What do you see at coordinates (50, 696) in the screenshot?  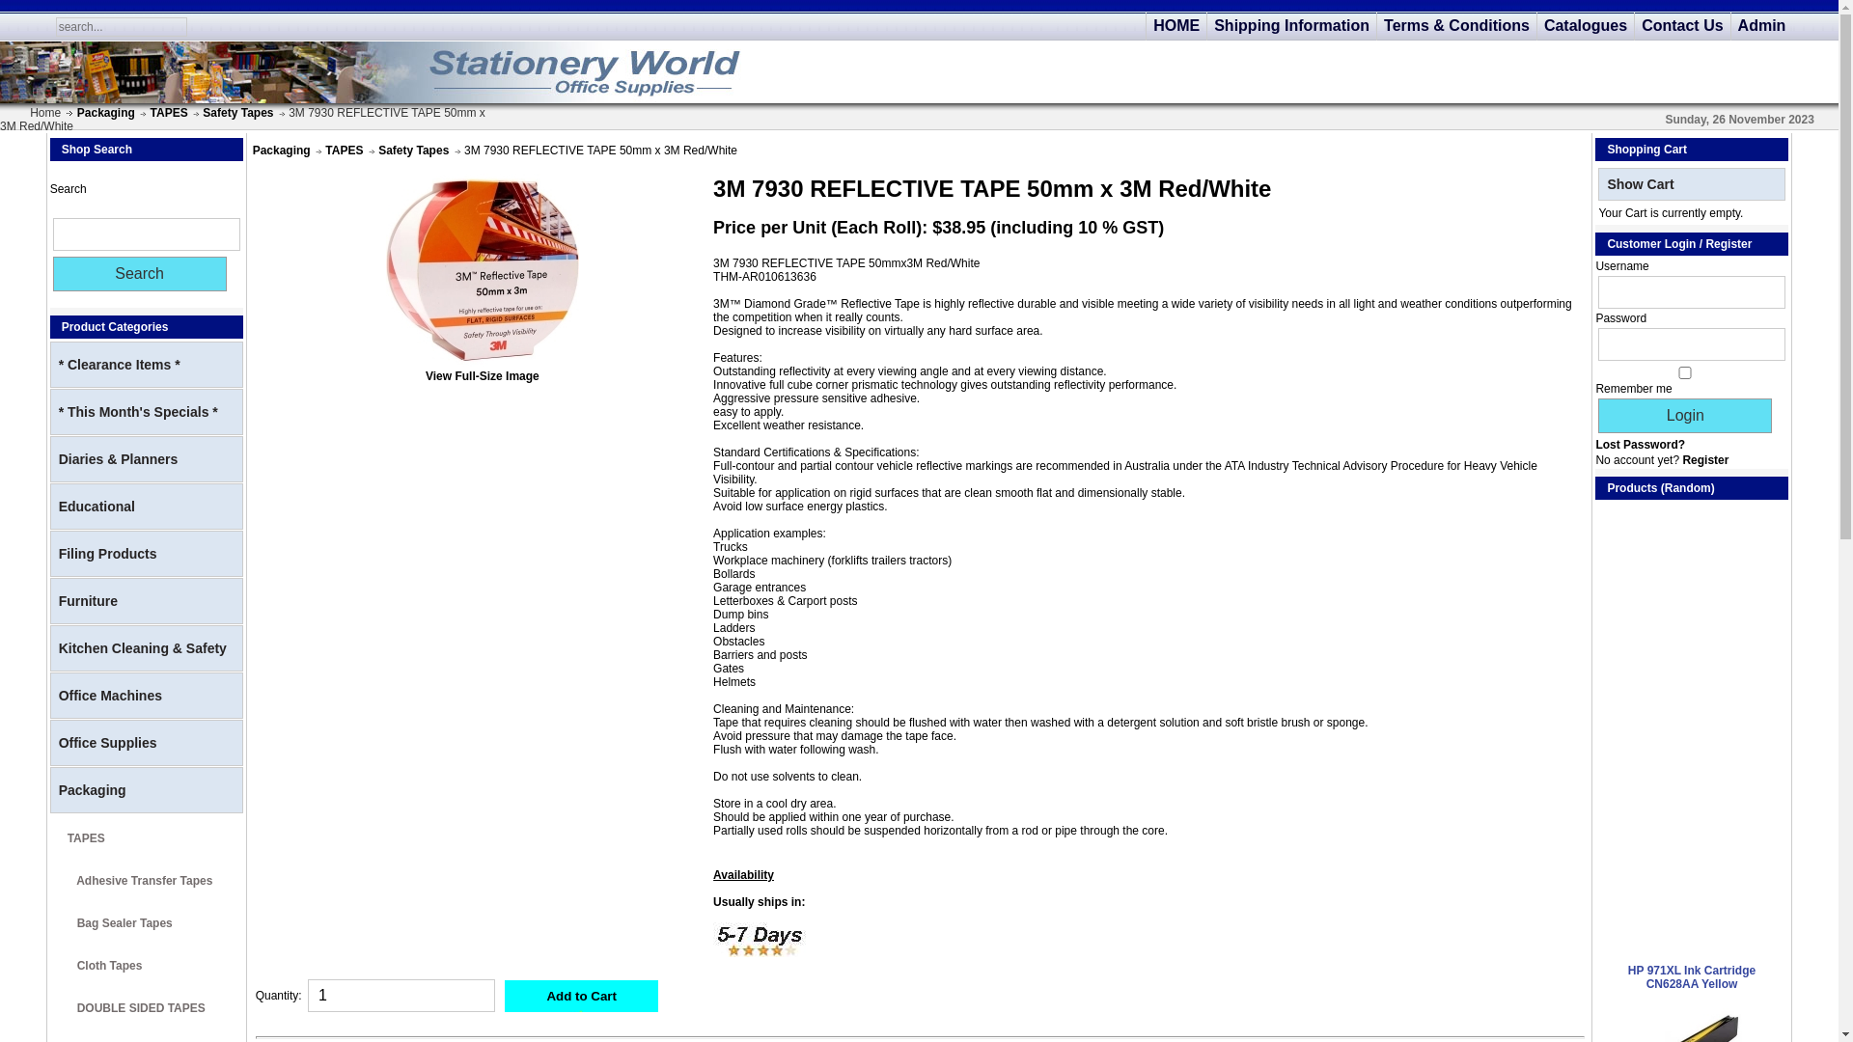 I see `'Office Machines'` at bounding box center [50, 696].